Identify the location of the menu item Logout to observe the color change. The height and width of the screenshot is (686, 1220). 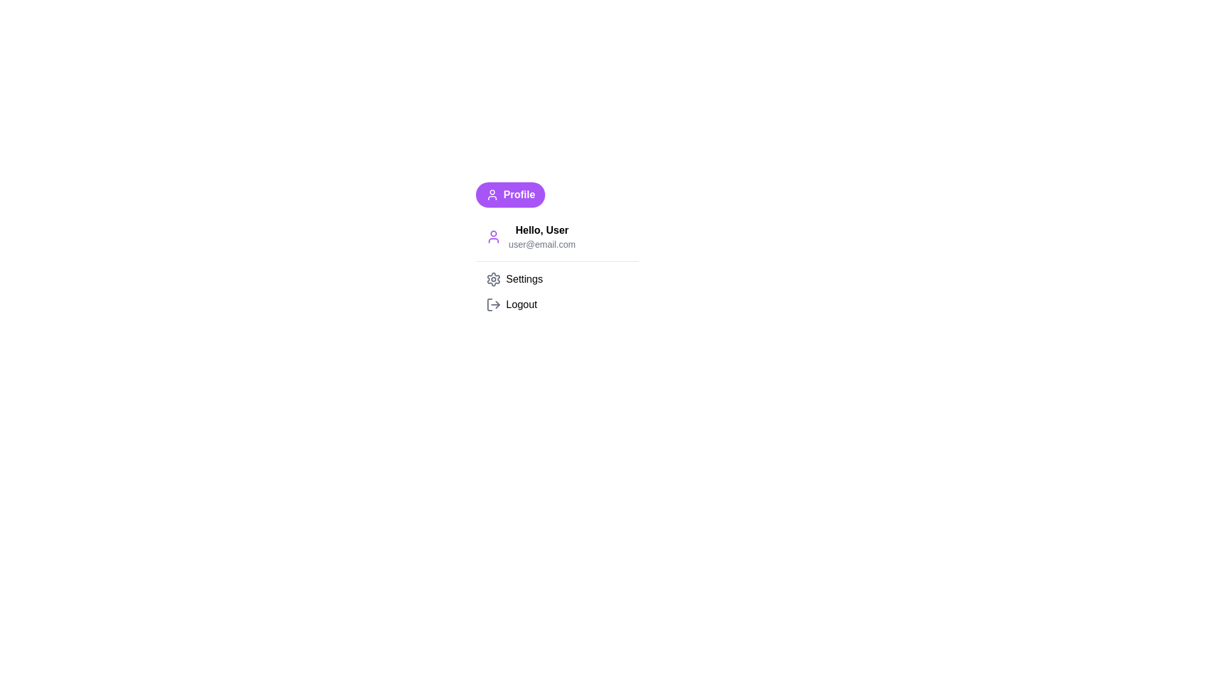
(556, 304).